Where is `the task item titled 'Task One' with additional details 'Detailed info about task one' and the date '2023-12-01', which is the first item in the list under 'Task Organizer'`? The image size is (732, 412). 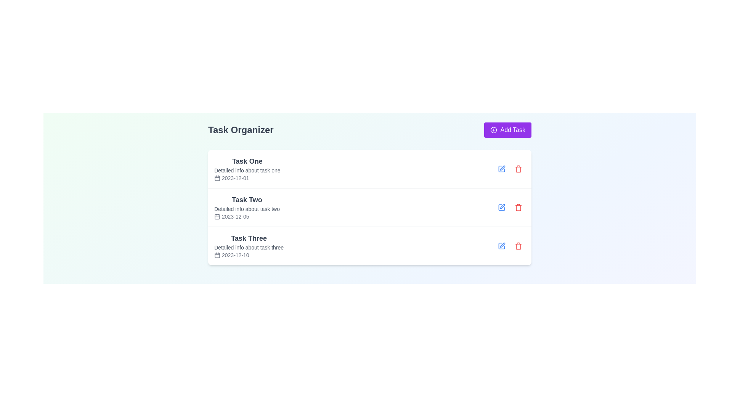
the task item titled 'Task One' with additional details 'Detailed info about task one' and the date '2023-12-01', which is the first item in the list under 'Task Organizer' is located at coordinates (369, 169).